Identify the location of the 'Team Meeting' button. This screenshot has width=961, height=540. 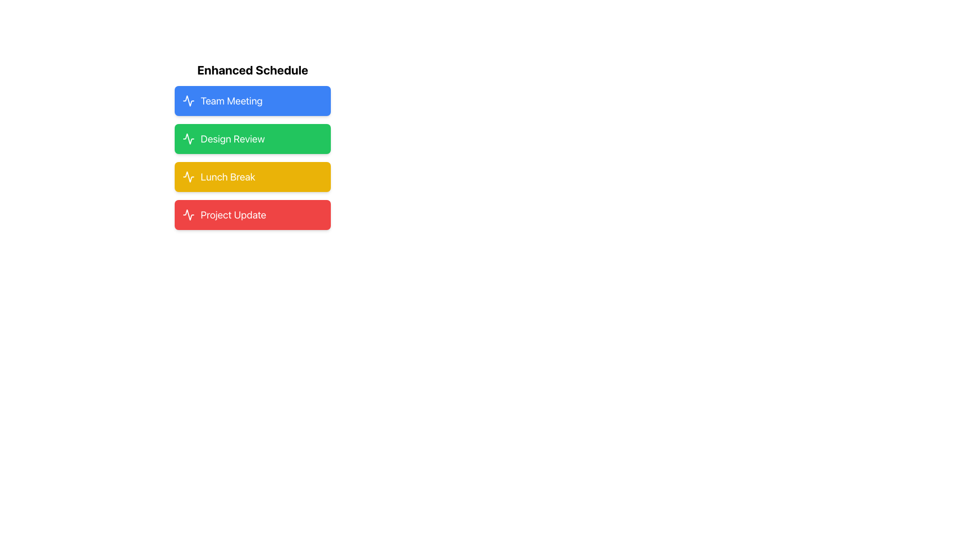
(252, 100).